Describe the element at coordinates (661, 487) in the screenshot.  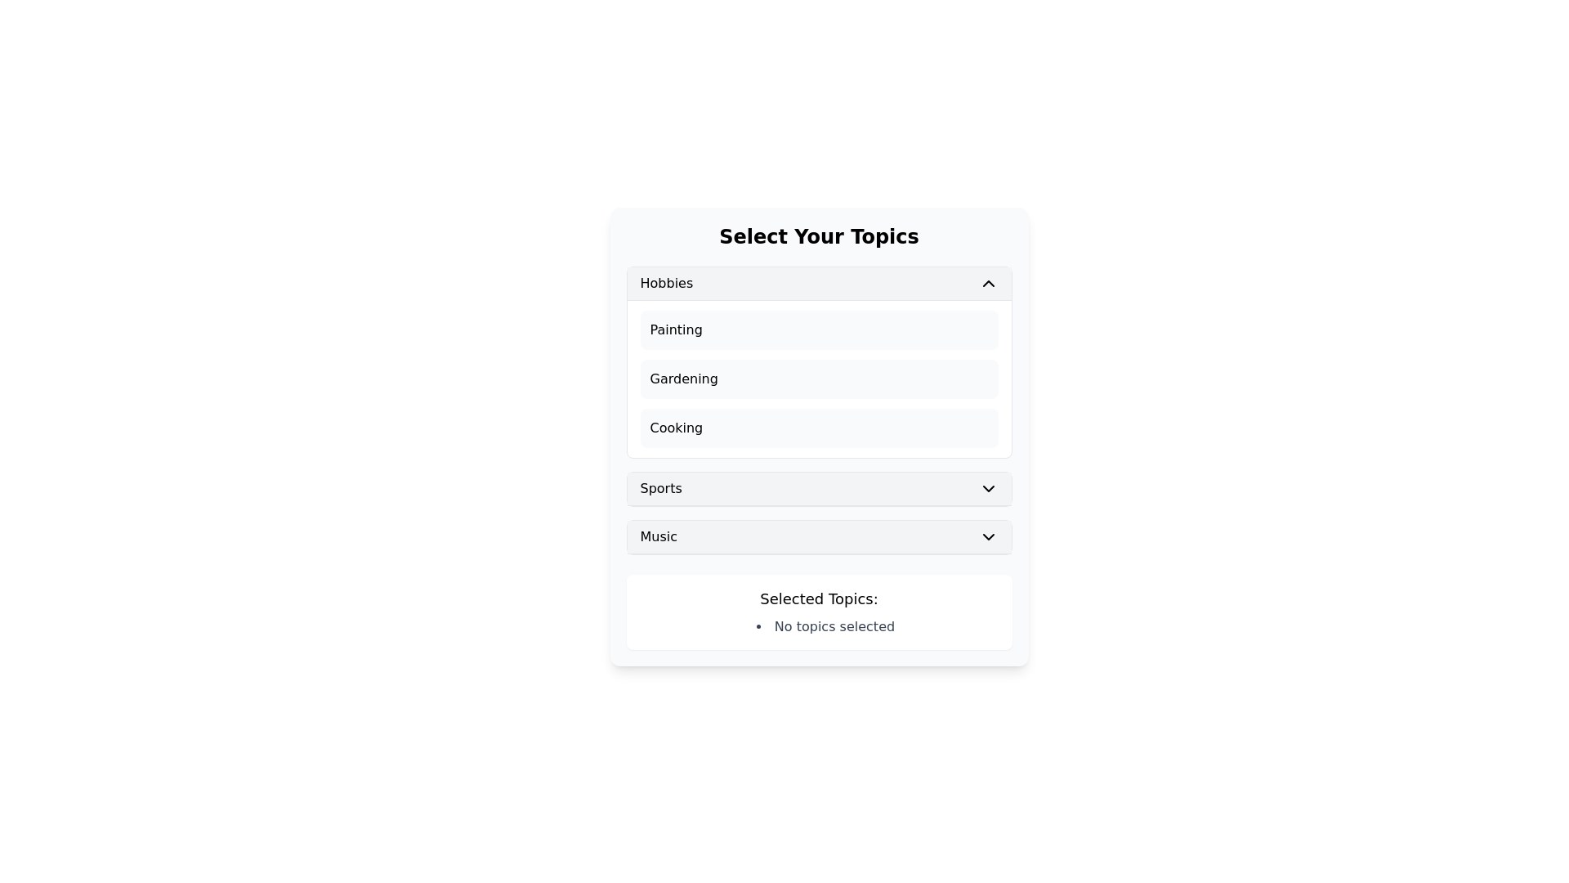
I see `the text content of the 'Sports' text label, which is bold black against a light gray background, located under the 'Hobbies' section in the 'Select Your Topics' menu` at that location.